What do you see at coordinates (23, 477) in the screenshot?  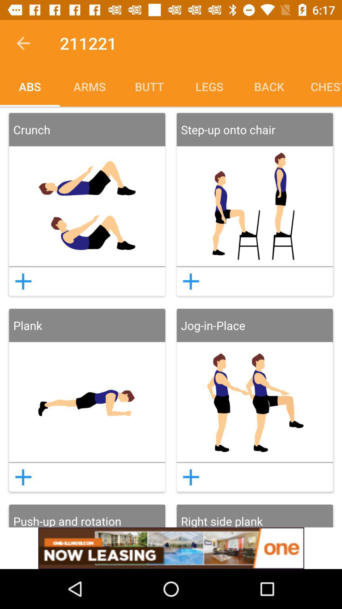 I see `to routine` at bounding box center [23, 477].